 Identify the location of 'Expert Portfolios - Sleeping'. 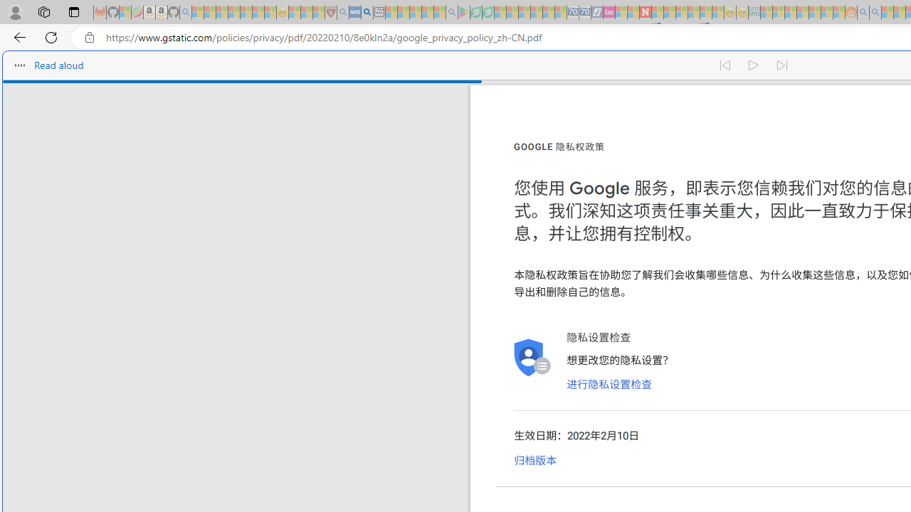
(803, 12).